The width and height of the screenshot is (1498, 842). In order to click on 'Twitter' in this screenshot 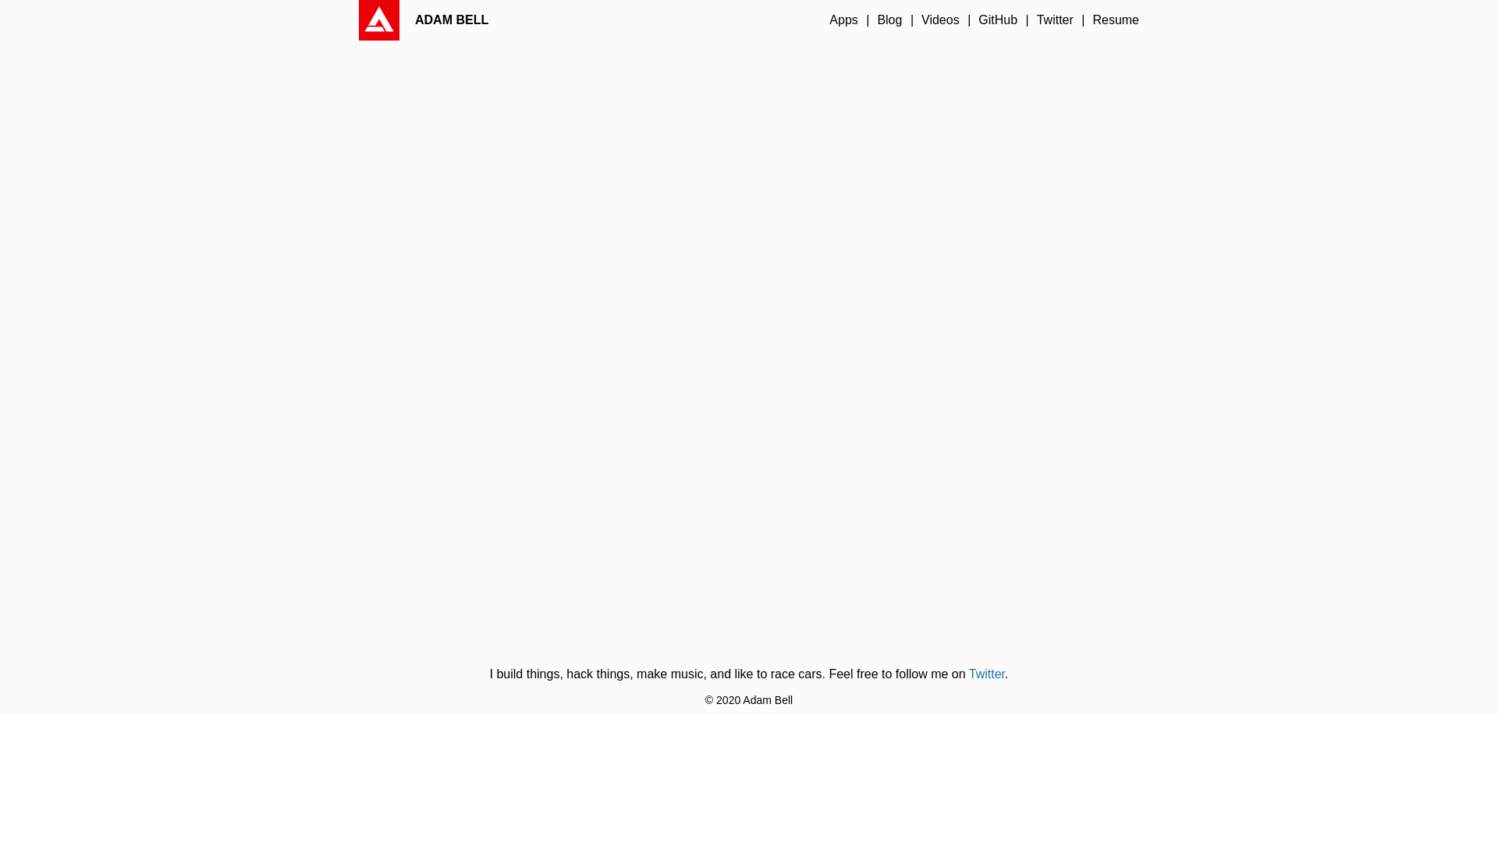, I will do `click(986, 673)`.